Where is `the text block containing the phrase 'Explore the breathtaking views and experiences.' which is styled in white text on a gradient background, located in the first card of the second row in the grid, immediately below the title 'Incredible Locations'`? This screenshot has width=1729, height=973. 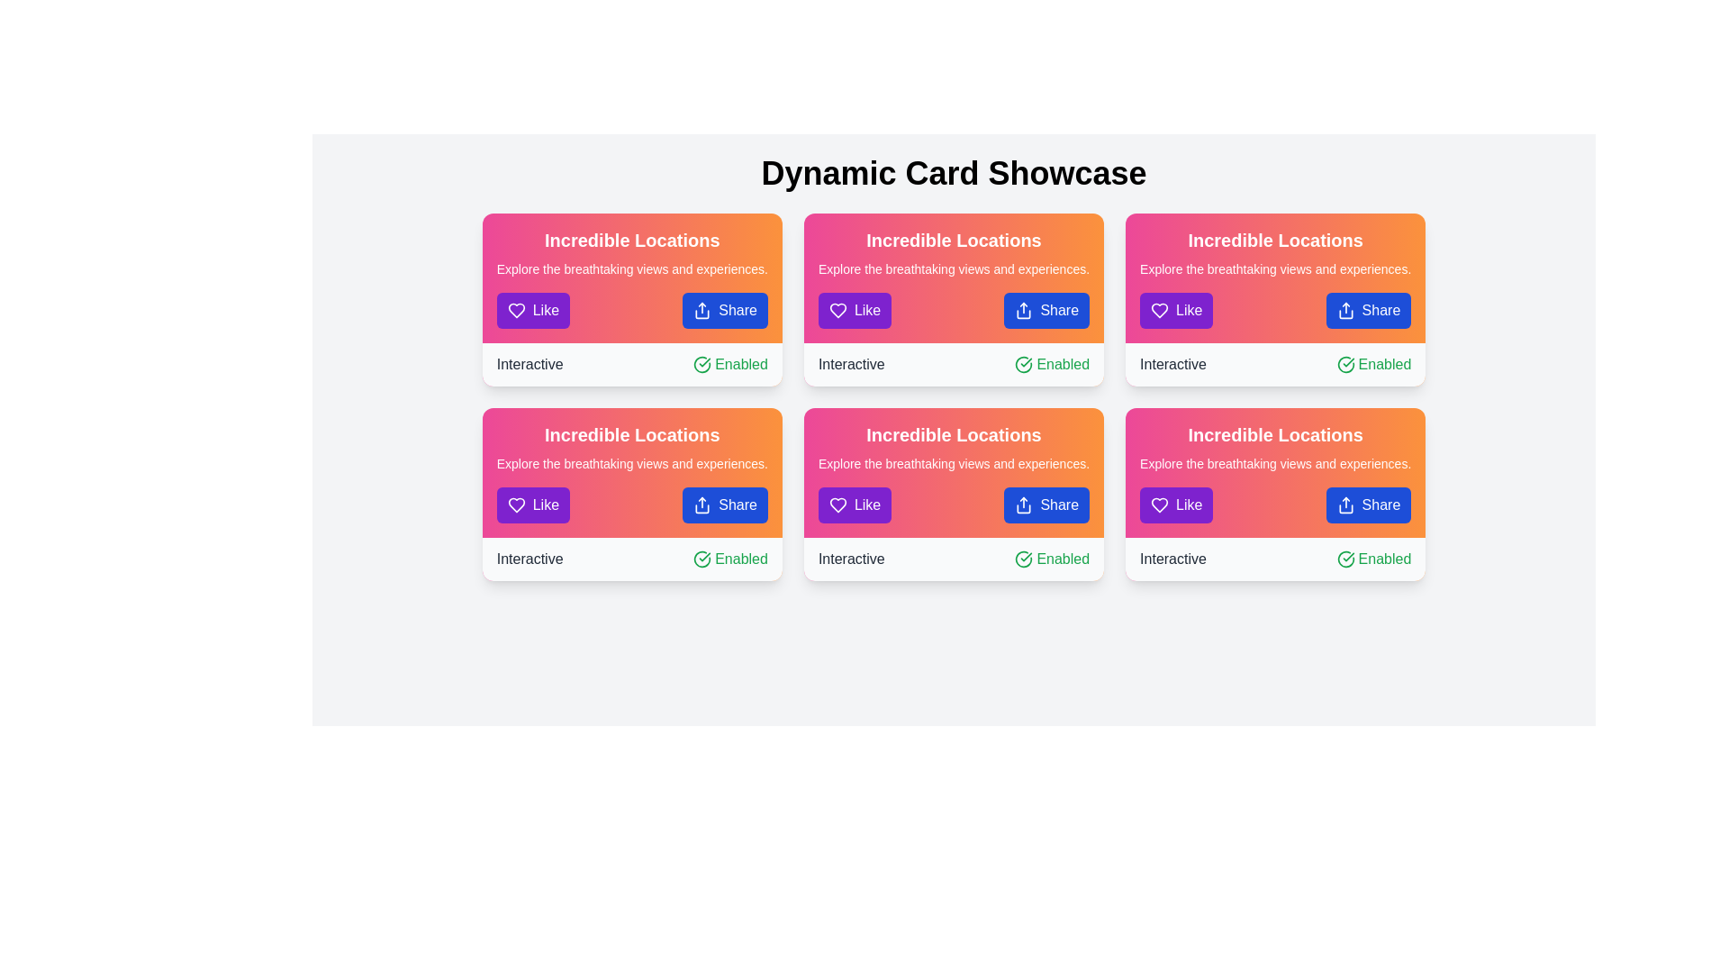 the text block containing the phrase 'Explore the breathtaking views and experiences.' which is styled in white text on a gradient background, located in the first card of the second row in the grid, immediately below the title 'Incredible Locations' is located at coordinates (953, 269).